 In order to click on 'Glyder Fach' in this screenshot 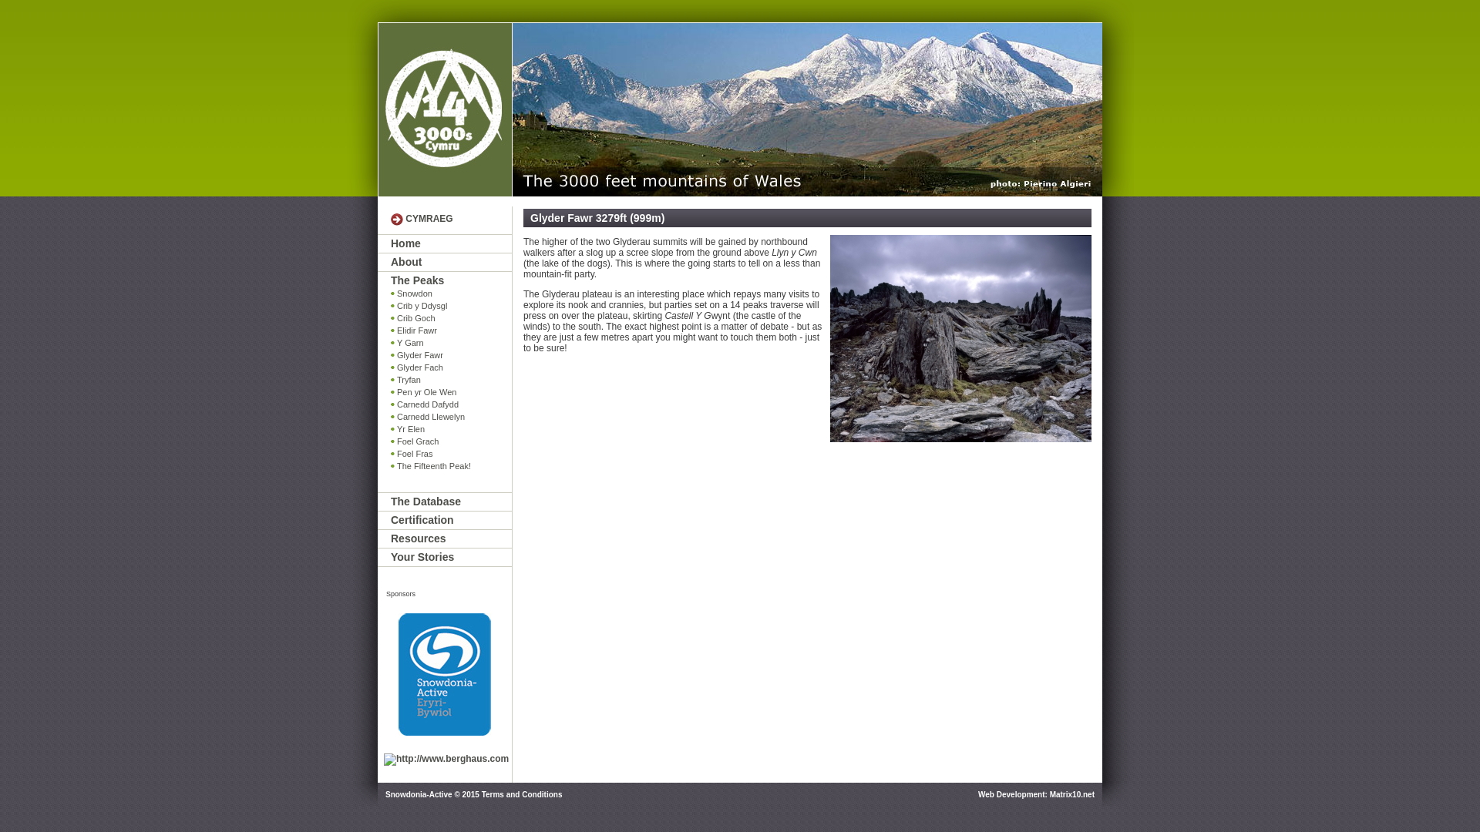, I will do `click(450, 367)`.